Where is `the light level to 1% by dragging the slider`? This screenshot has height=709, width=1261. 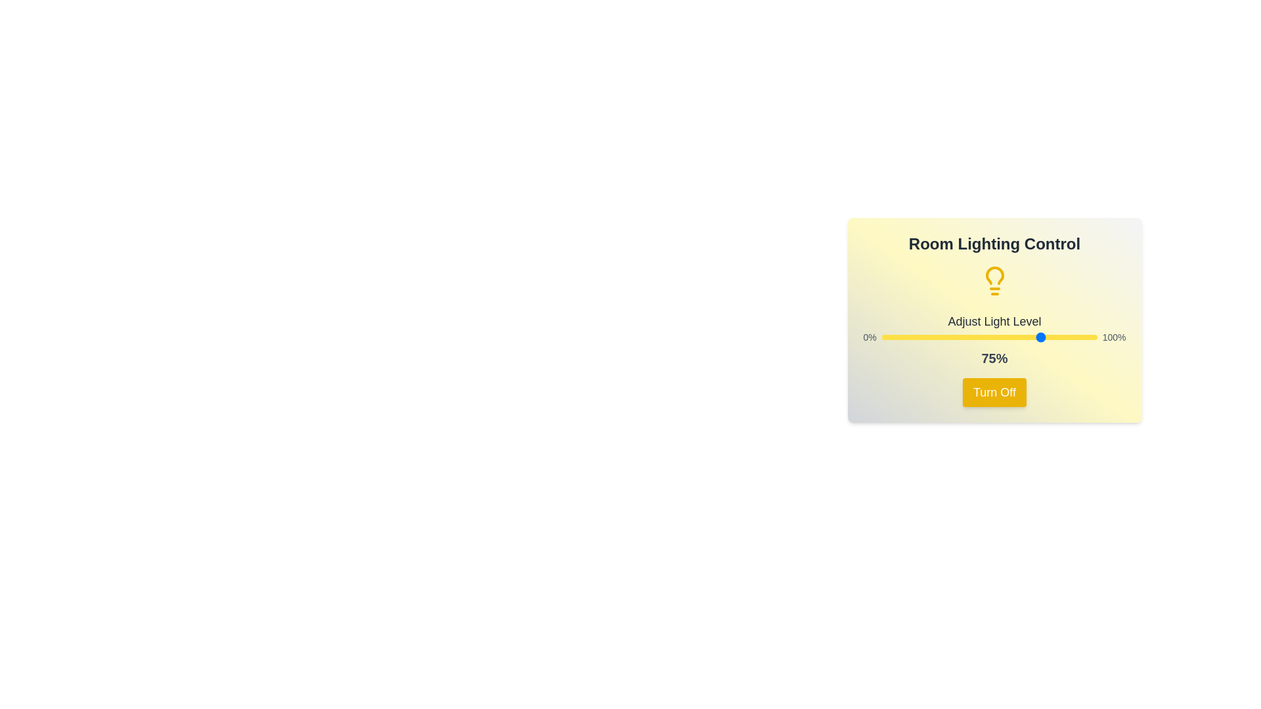
the light level to 1% by dragging the slider is located at coordinates (883, 336).